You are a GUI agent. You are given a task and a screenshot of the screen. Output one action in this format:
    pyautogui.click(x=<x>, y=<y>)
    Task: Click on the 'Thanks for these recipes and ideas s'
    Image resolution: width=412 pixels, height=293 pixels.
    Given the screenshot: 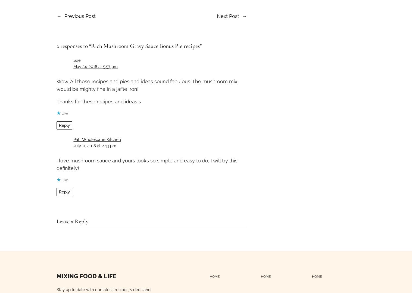 What is the action you would take?
    pyautogui.click(x=99, y=101)
    